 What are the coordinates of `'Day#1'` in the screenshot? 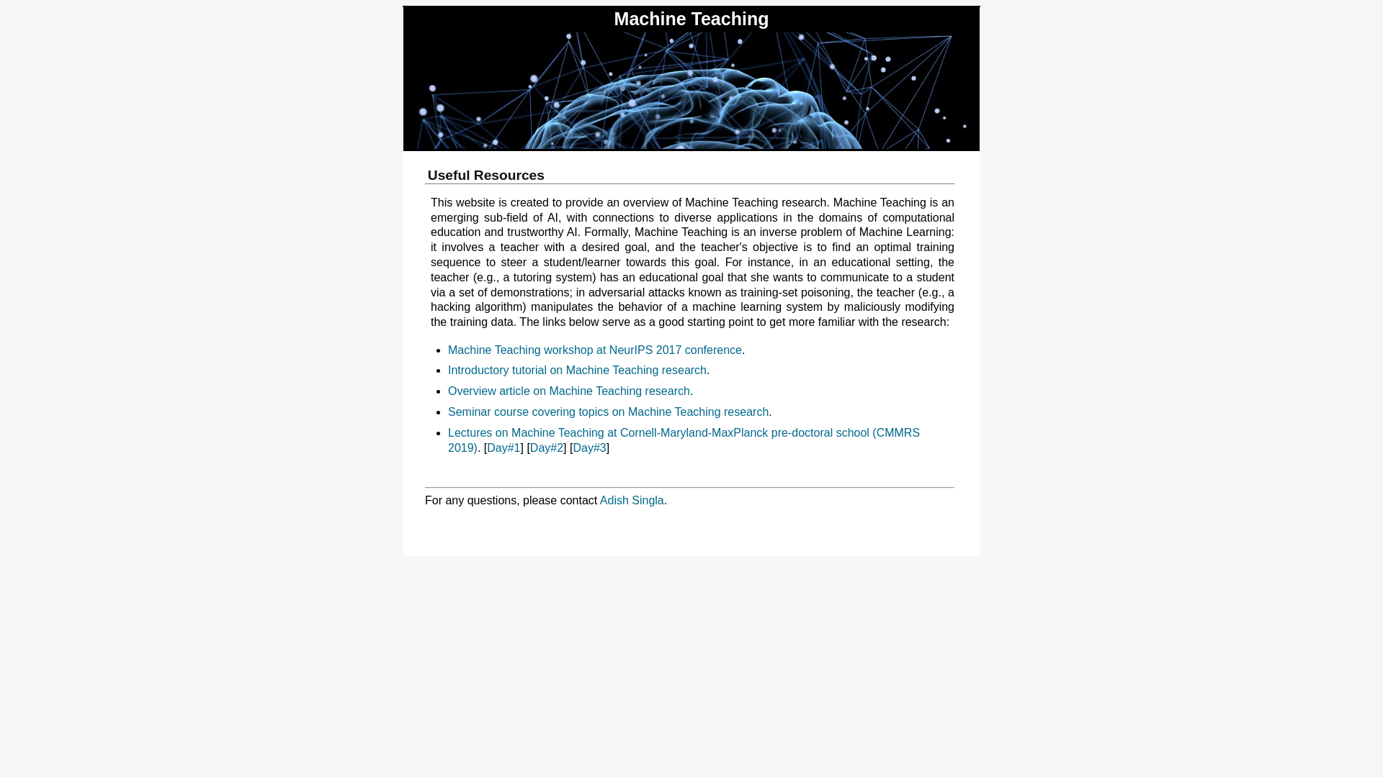 It's located at (503, 447).